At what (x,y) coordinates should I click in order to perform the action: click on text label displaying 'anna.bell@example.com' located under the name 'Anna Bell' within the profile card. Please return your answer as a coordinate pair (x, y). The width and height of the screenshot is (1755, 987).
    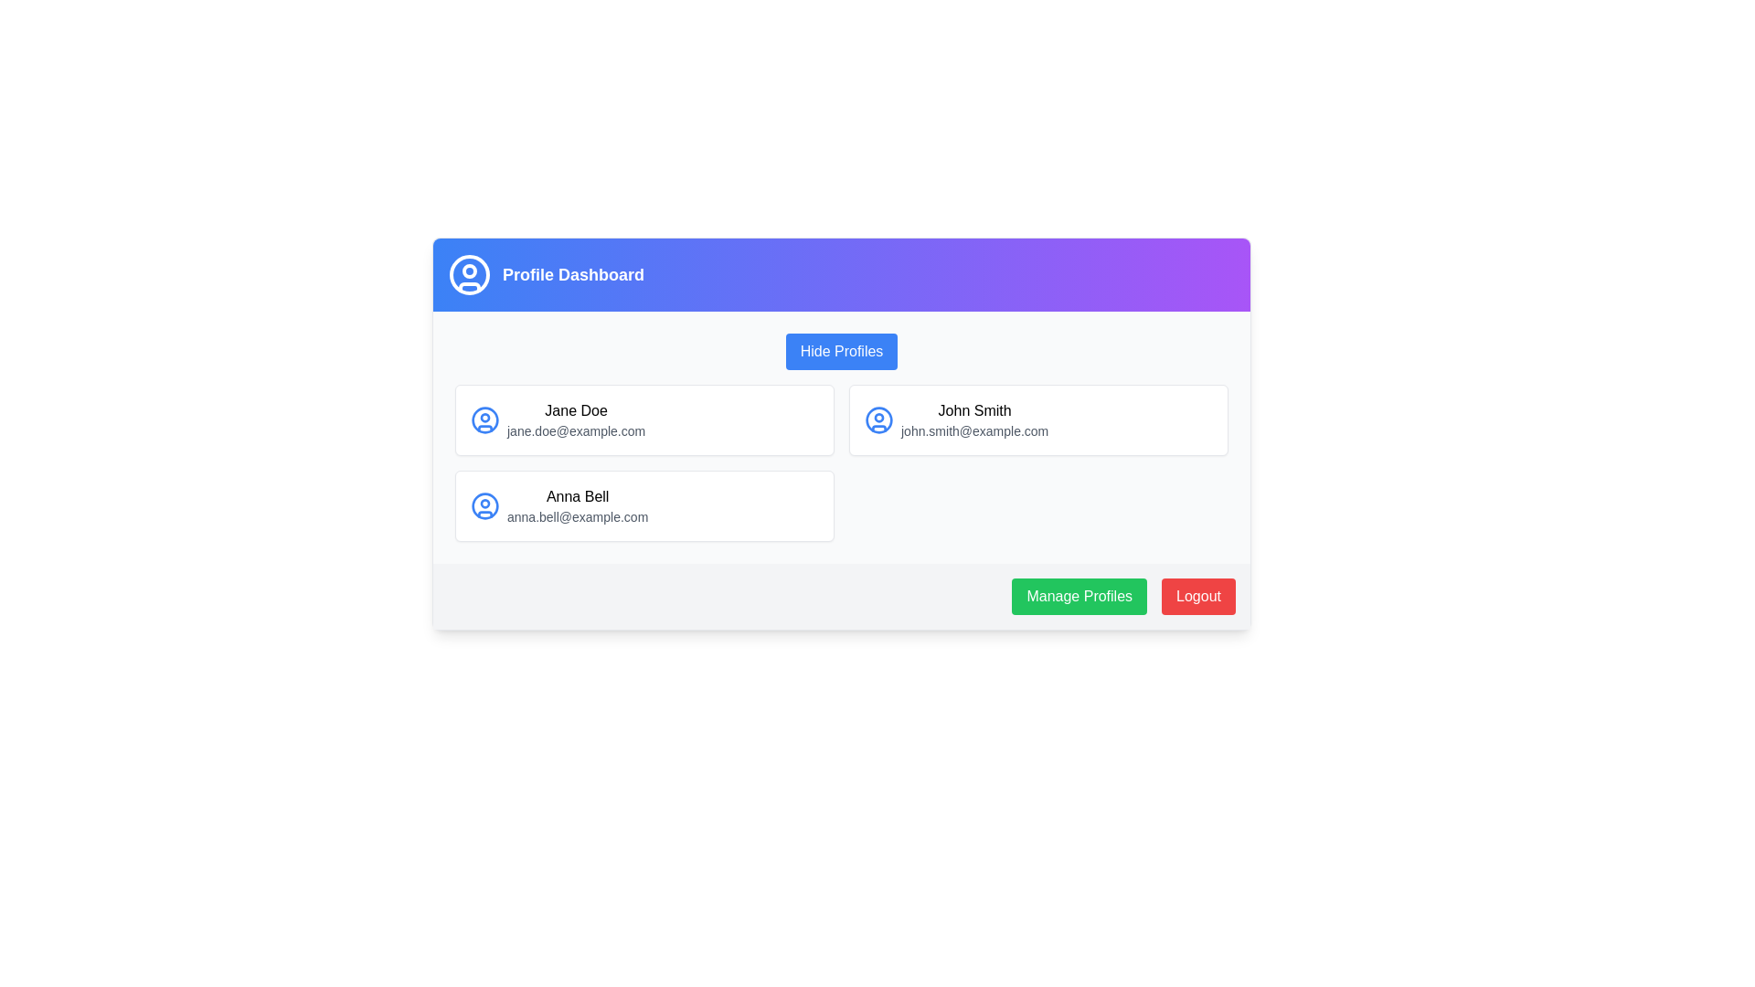
    Looking at the image, I should click on (577, 517).